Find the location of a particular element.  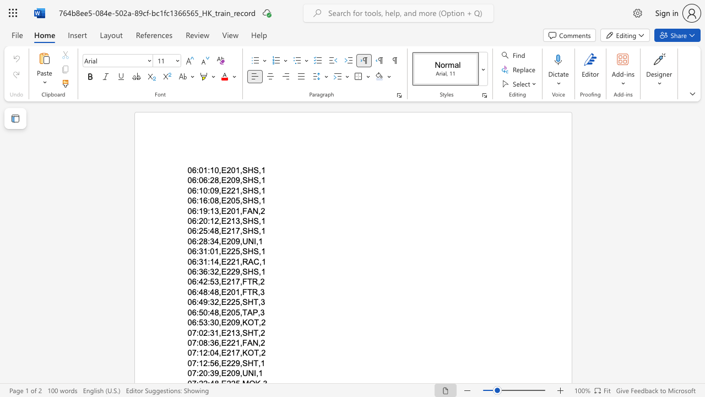

the subset text ",1" within the text "06:31:01,E225,SHS,1" is located at coordinates (258, 251).